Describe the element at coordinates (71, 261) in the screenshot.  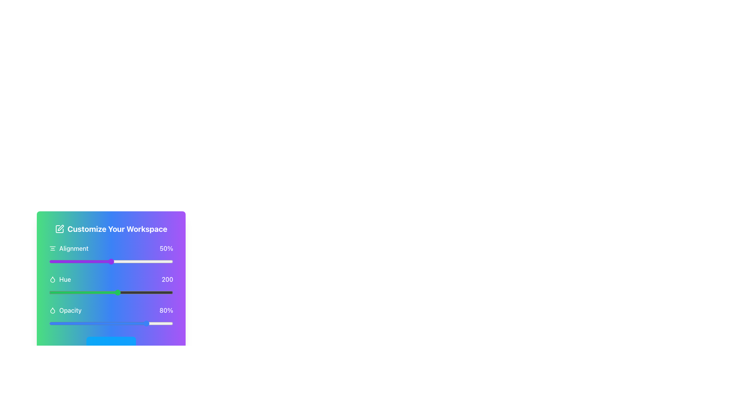
I see `the alignment percentage` at that location.